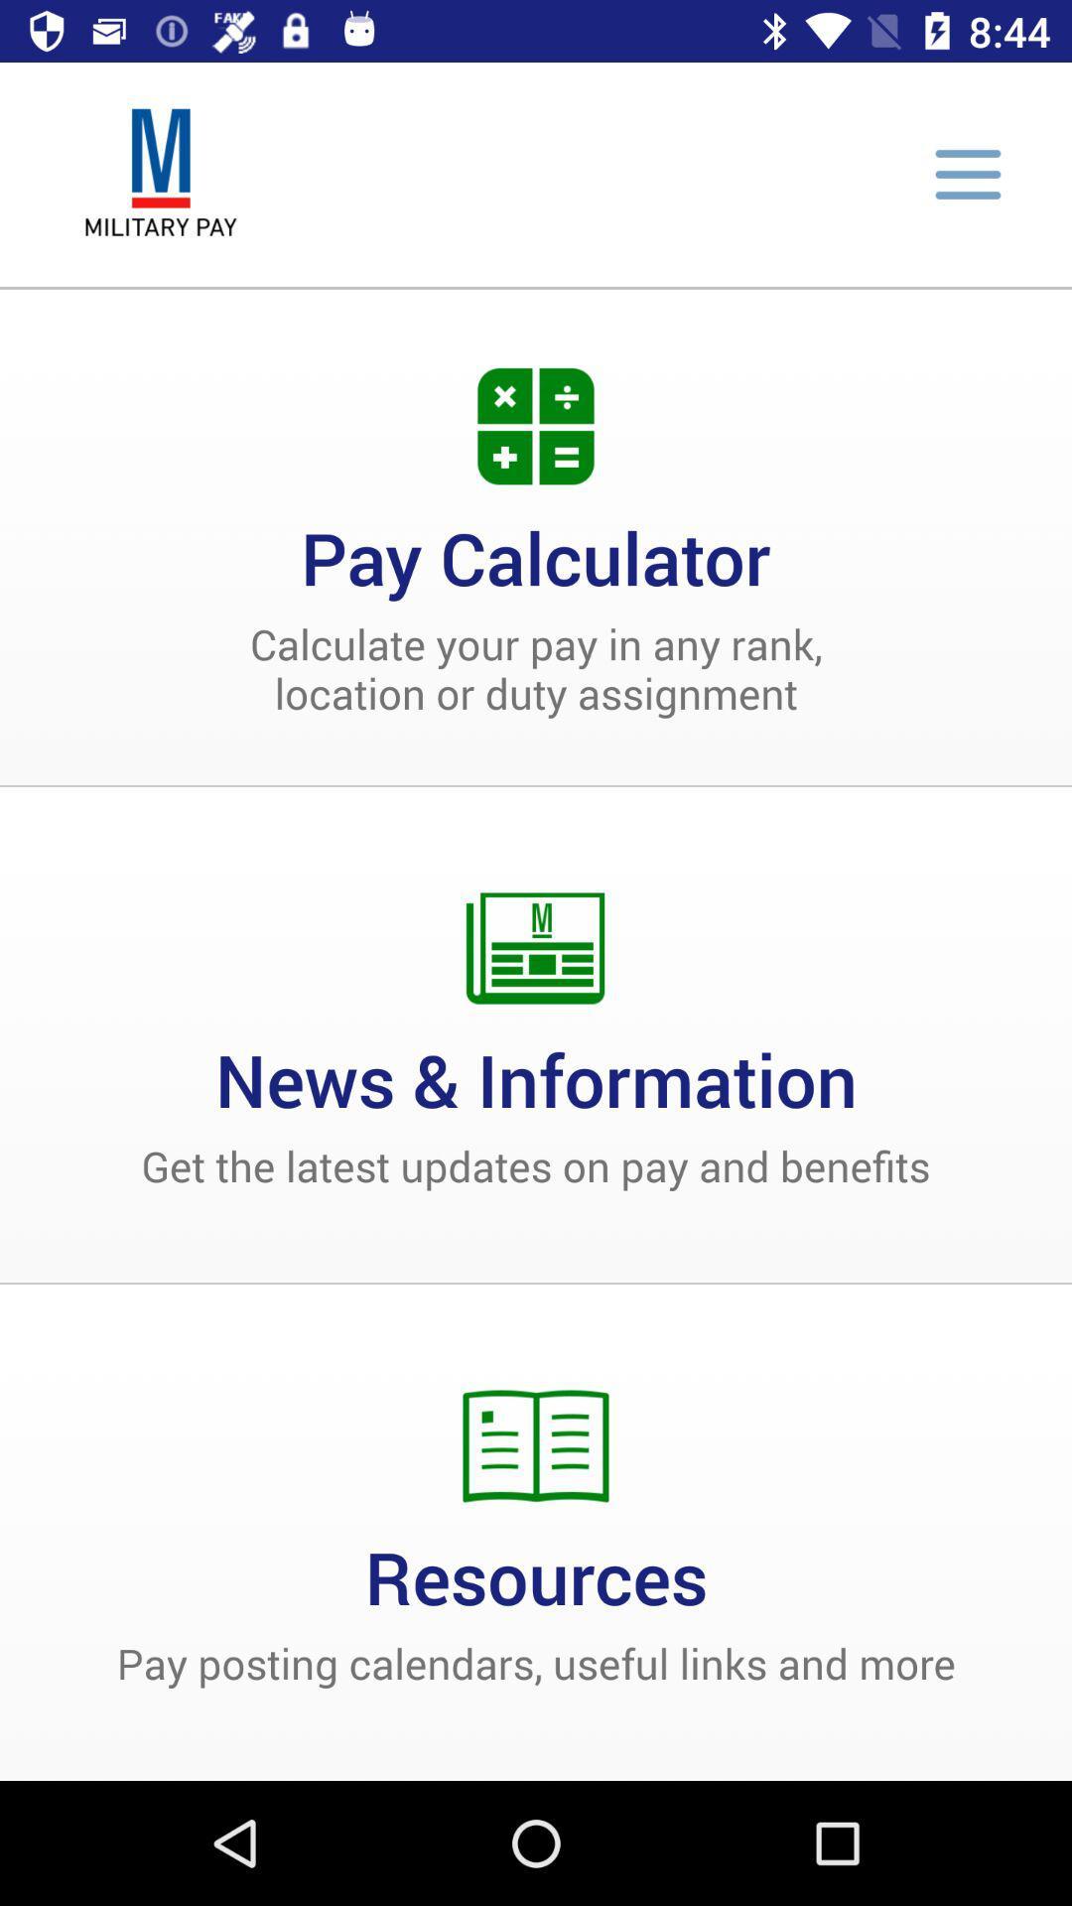 The image size is (1072, 1906). Describe the element at coordinates (967, 174) in the screenshot. I see `options` at that location.